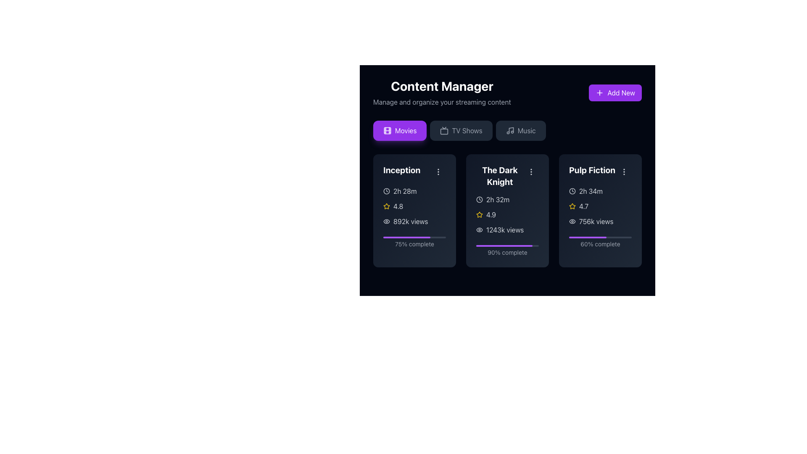  Describe the element at coordinates (507, 210) in the screenshot. I see `the second informational card in the movie category that displays details such as title, duration, rating, view count, and progress of watching` at that location.